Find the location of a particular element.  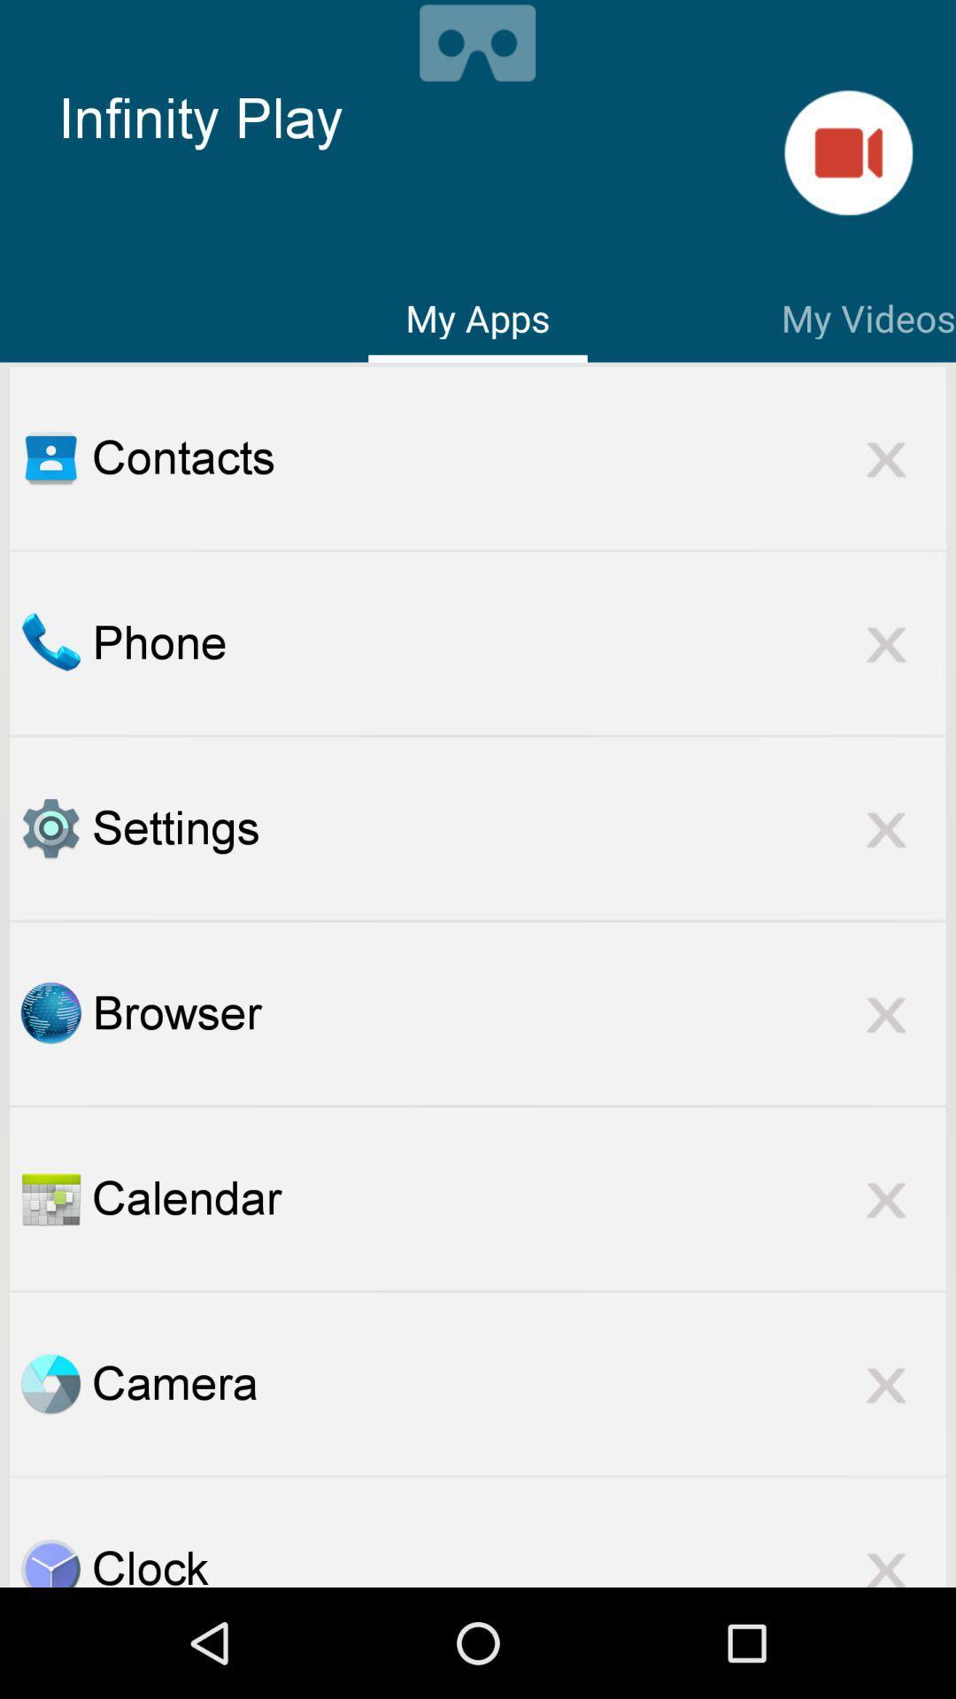

my videos item is located at coordinates (867, 315).